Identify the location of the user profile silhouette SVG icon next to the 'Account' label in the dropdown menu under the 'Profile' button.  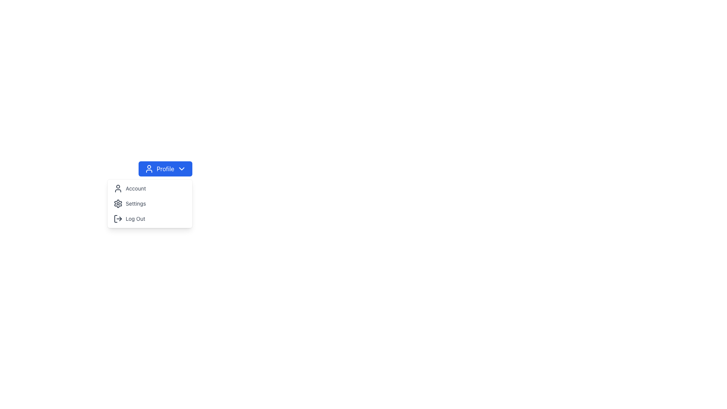
(118, 188).